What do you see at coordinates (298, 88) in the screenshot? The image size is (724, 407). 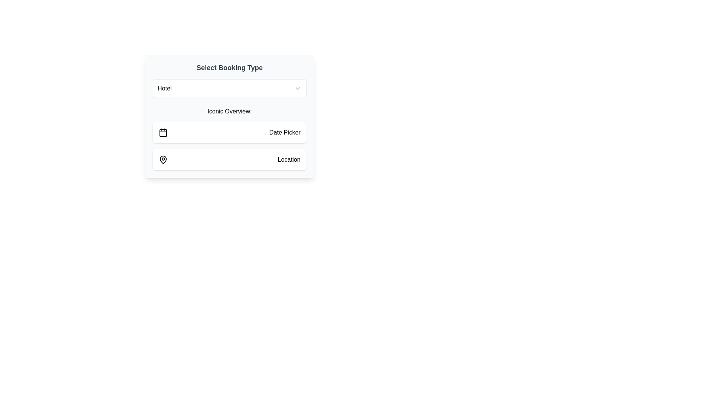 I see `the downward arrow SVG icon representing a dropdown toggle` at bounding box center [298, 88].